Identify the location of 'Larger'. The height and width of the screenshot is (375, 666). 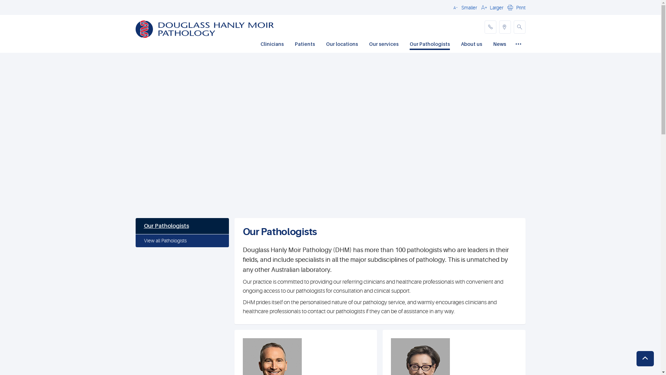
(491, 7).